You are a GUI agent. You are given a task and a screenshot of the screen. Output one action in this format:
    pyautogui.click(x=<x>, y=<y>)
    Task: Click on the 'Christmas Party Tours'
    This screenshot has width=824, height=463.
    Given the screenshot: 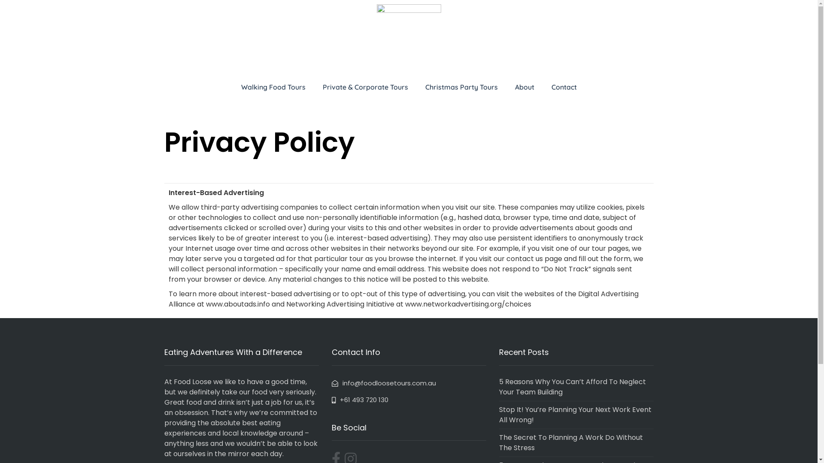 What is the action you would take?
    pyautogui.click(x=416, y=87)
    